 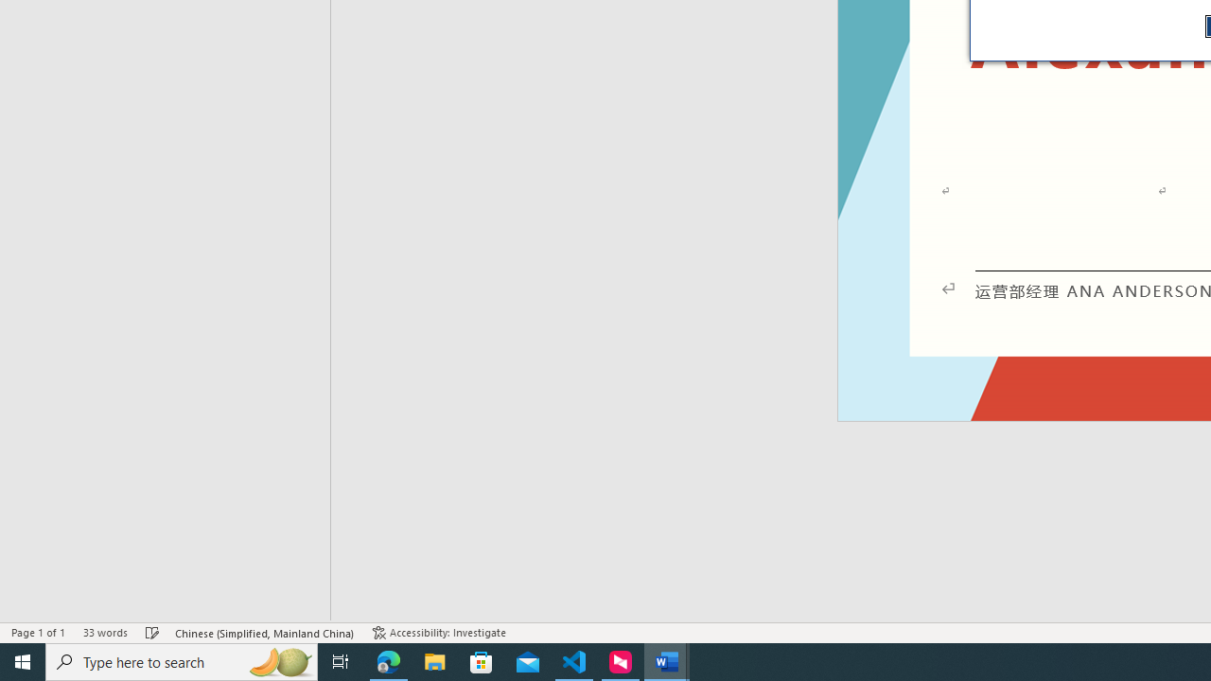 What do you see at coordinates (23, 660) in the screenshot?
I see `'Start'` at bounding box center [23, 660].